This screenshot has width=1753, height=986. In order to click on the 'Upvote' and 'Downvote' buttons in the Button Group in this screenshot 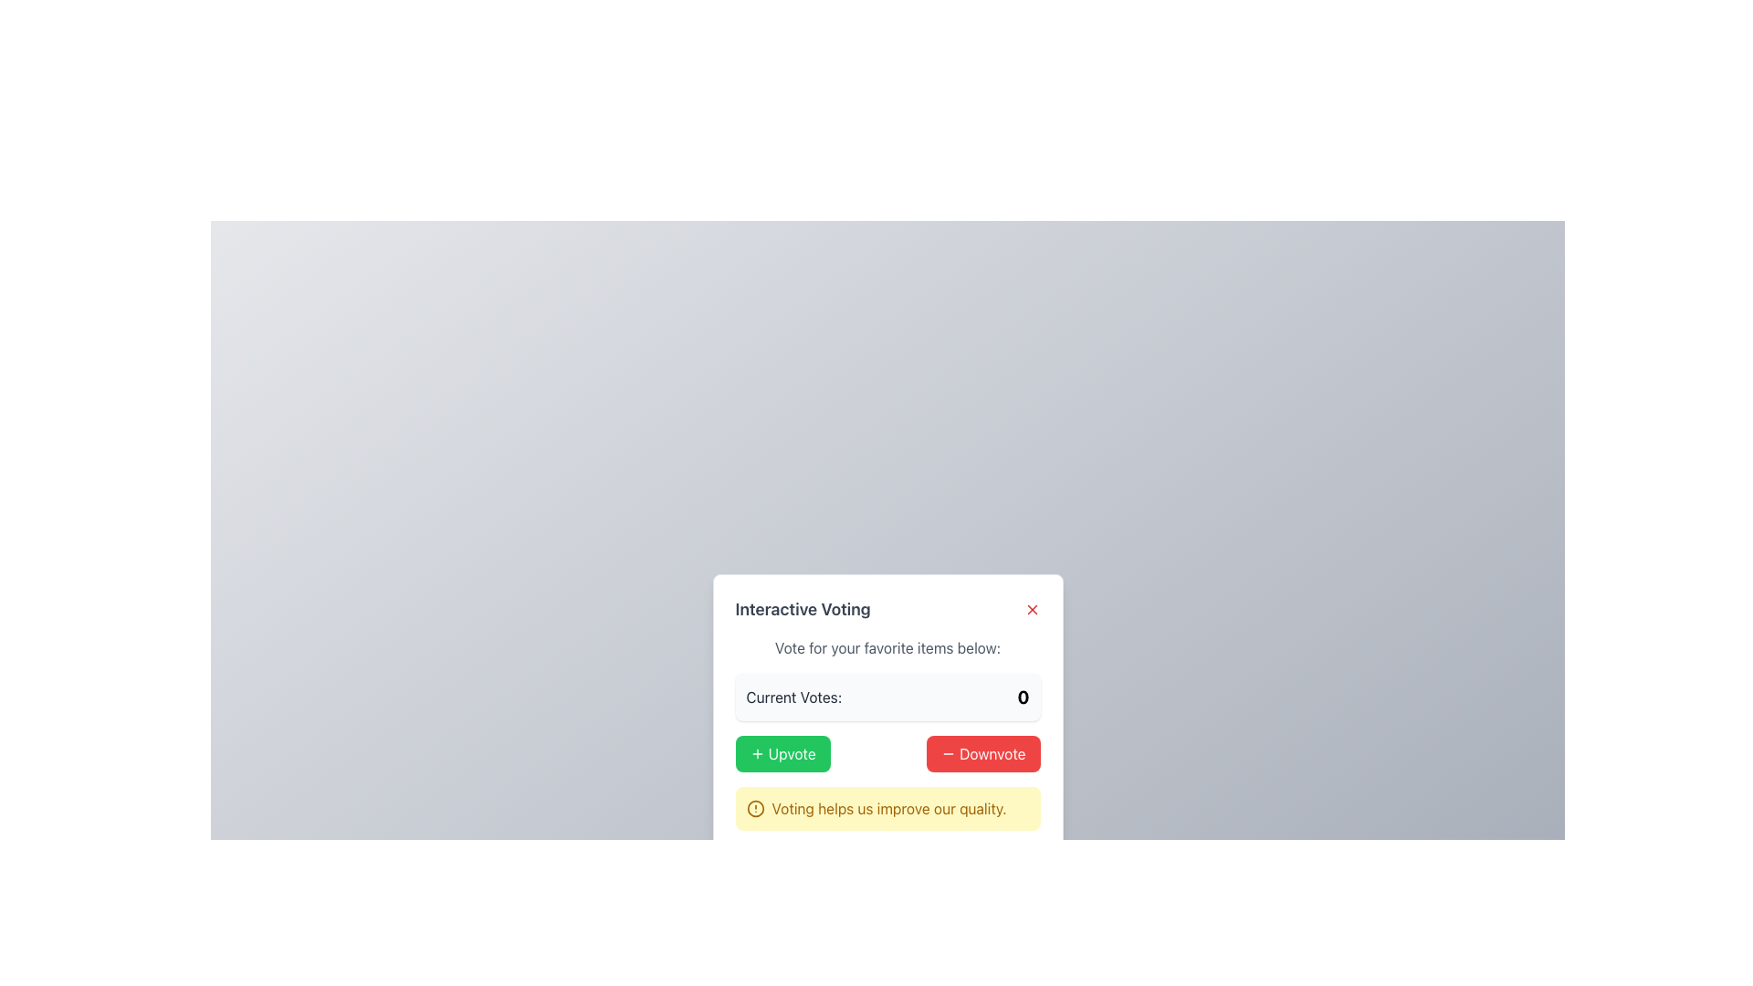, I will do `click(887, 753)`.